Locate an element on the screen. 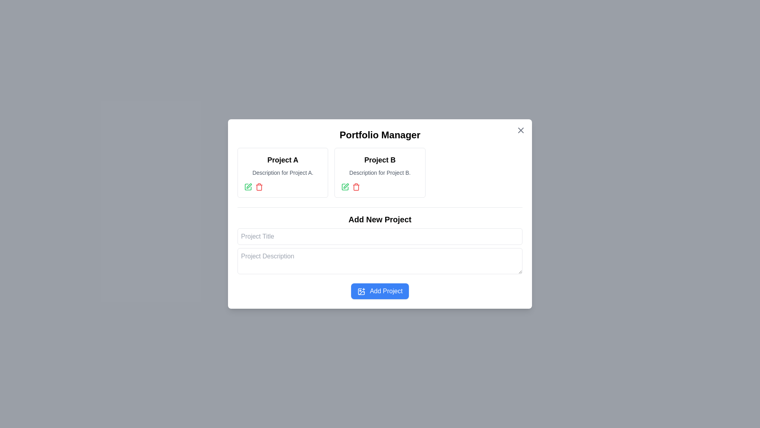 This screenshot has height=428, width=760. the red trash can icon button located in the 'Project B' section of the Portfolio Manager interface is located at coordinates (356, 187).